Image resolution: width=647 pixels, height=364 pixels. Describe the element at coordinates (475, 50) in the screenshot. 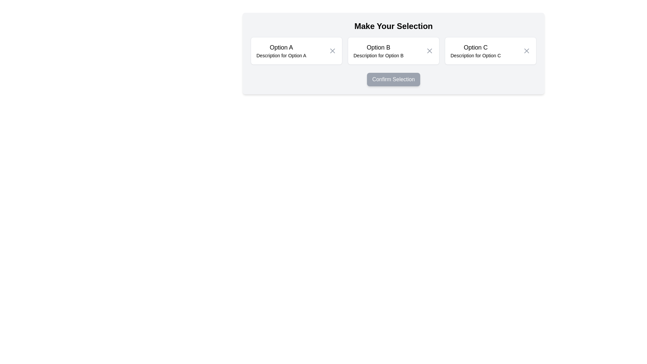

I see `the third selectable card in the group under 'Make Your Selection'` at that location.